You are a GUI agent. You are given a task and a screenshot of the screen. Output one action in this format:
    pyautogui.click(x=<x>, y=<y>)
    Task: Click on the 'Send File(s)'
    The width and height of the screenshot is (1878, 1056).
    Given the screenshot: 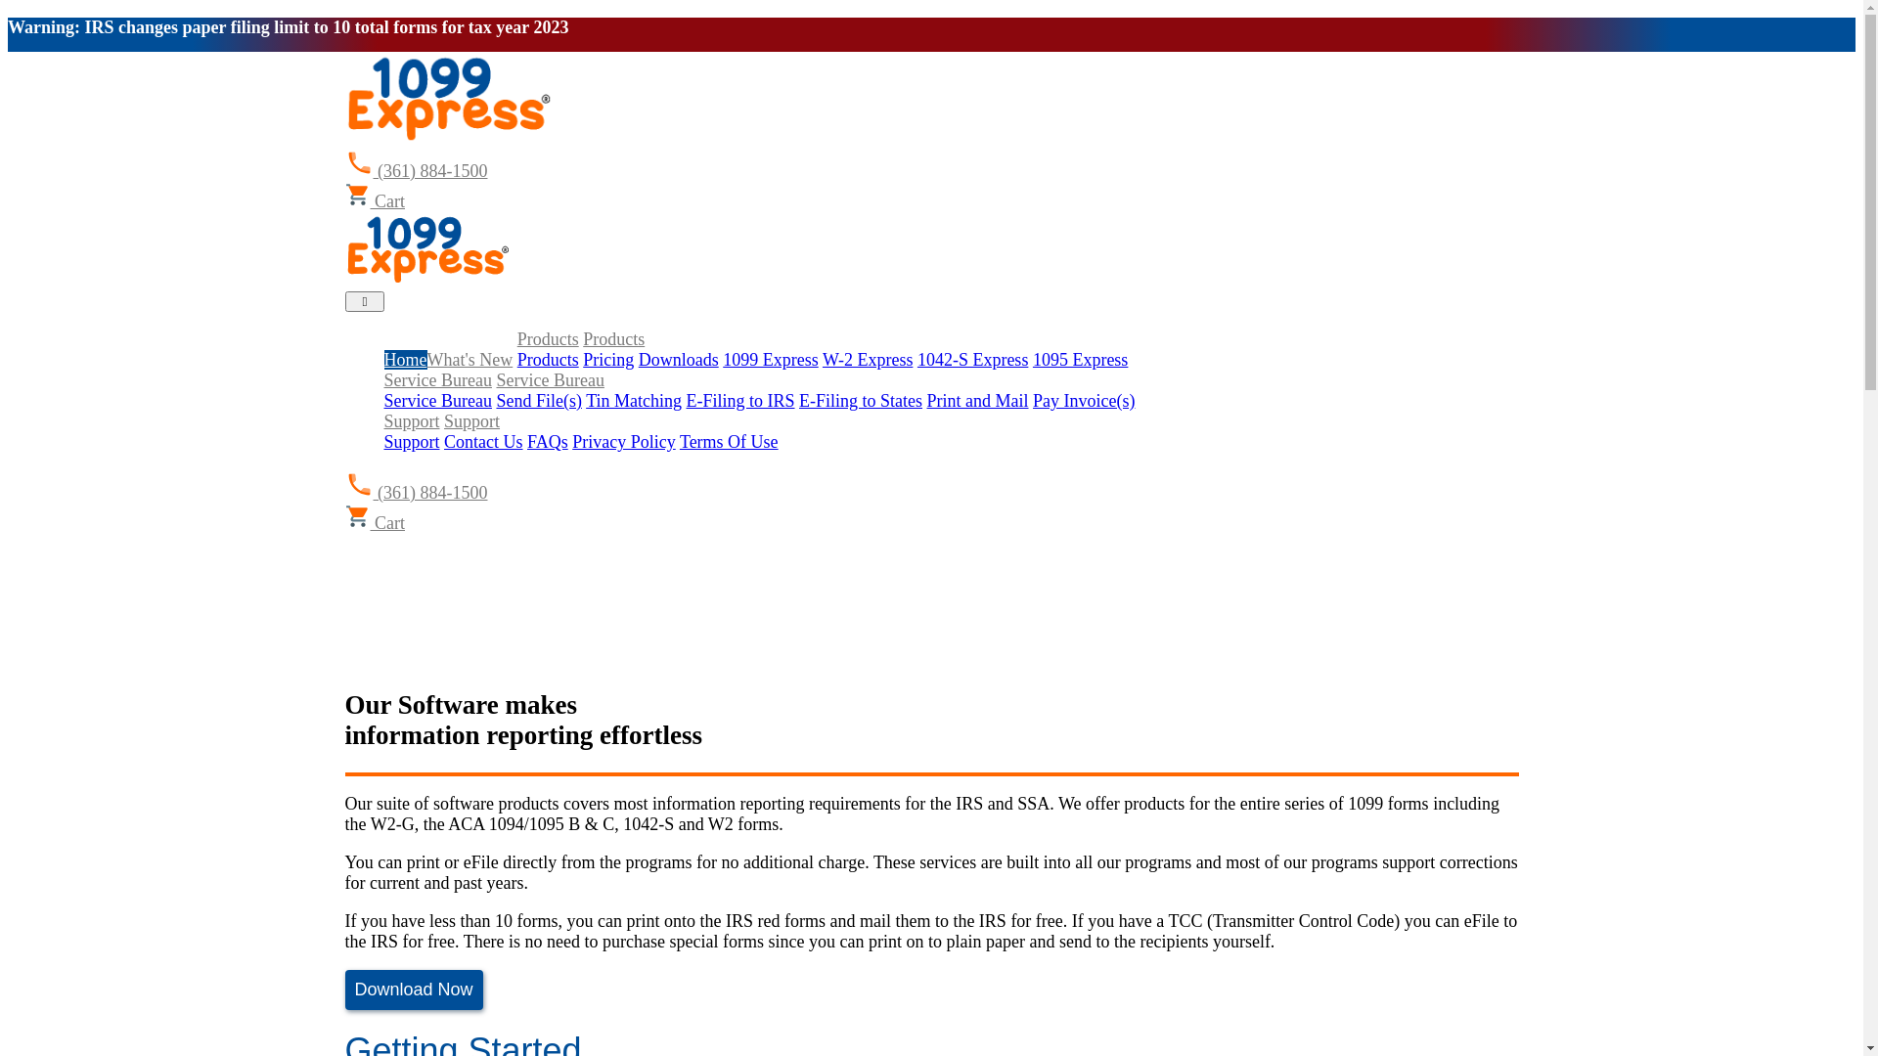 What is the action you would take?
    pyautogui.click(x=539, y=399)
    